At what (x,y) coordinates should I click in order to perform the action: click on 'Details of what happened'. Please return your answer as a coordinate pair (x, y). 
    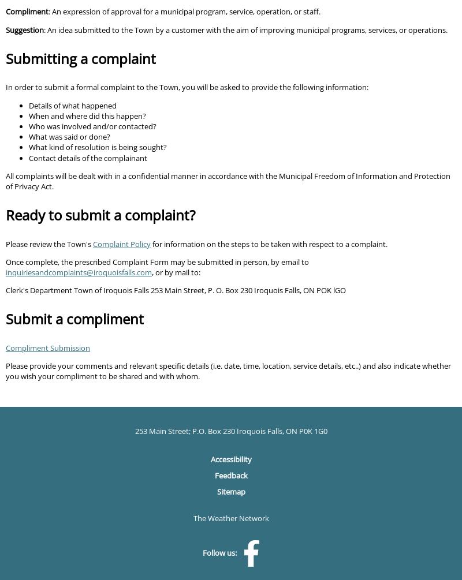
    Looking at the image, I should click on (28, 104).